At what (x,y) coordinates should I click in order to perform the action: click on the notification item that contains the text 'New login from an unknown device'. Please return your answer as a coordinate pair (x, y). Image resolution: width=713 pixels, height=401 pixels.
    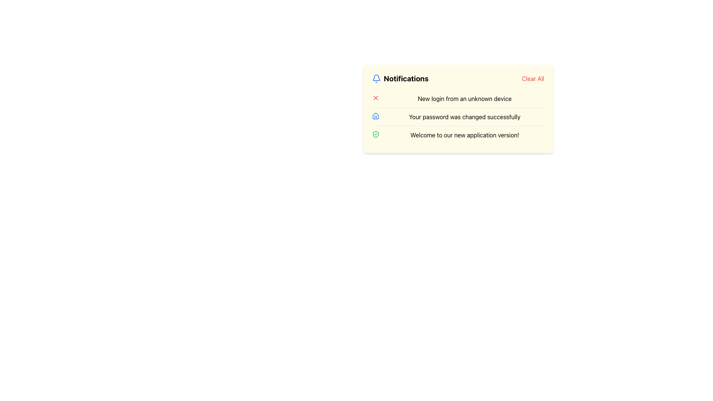
    Looking at the image, I should click on (458, 98).